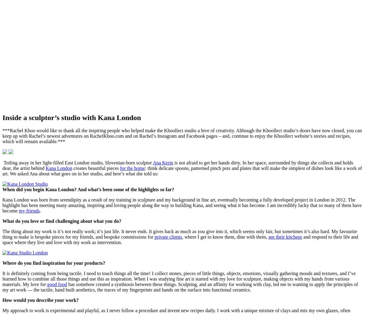 The height and width of the screenshot is (314, 365). I want to click on '***Rachel Khoo would like to thank all the inspiring people who helped make the Khoollect studio  a hive of creativity. Although the Khoollect studio’s doors have now closed, you can keep up with Rachel’s newest adventures on RachelKhoo.com and on Rachel’s Instagram and Facebook pages – and, continue to enjoy the Khoollect website’s stories and recipes, which will remain available.***', so click(182, 136).